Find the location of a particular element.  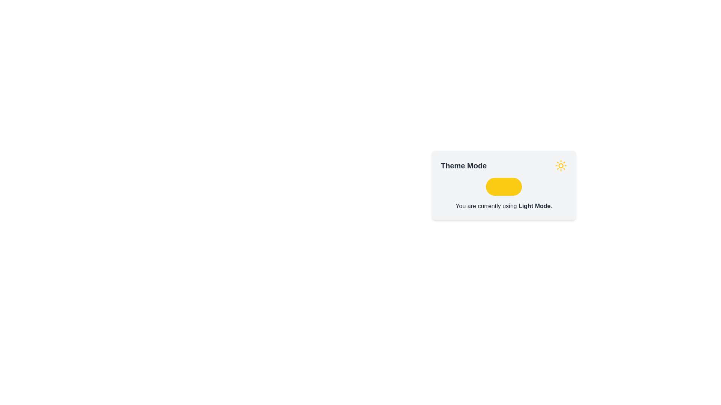

the sun icon representing 'Light Mode' theme, which is located at the extreme right of the 'Theme Mode' section in the application is located at coordinates (561, 165).